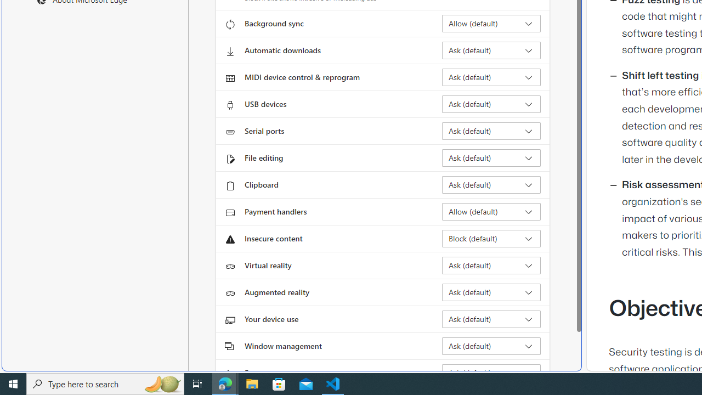 The height and width of the screenshot is (395, 702). What do you see at coordinates (491, 319) in the screenshot?
I see `'Your device use Ask (default)'` at bounding box center [491, 319].